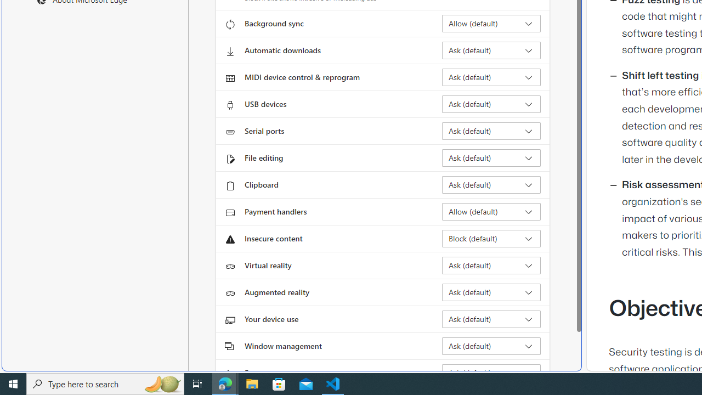 The height and width of the screenshot is (395, 702). What do you see at coordinates (491, 319) in the screenshot?
I see `'Your device use Ask (default)'` at bounding box center [491, 319].